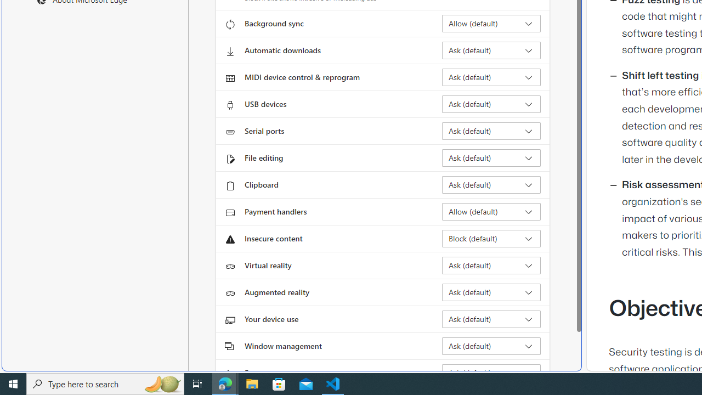 The height and width of the screenshot is (395, 702). What do you see at coordinates (491, 319) in the screenshot?
I see `'Your device use Ask (default)'` at bounding box center [491, 319].